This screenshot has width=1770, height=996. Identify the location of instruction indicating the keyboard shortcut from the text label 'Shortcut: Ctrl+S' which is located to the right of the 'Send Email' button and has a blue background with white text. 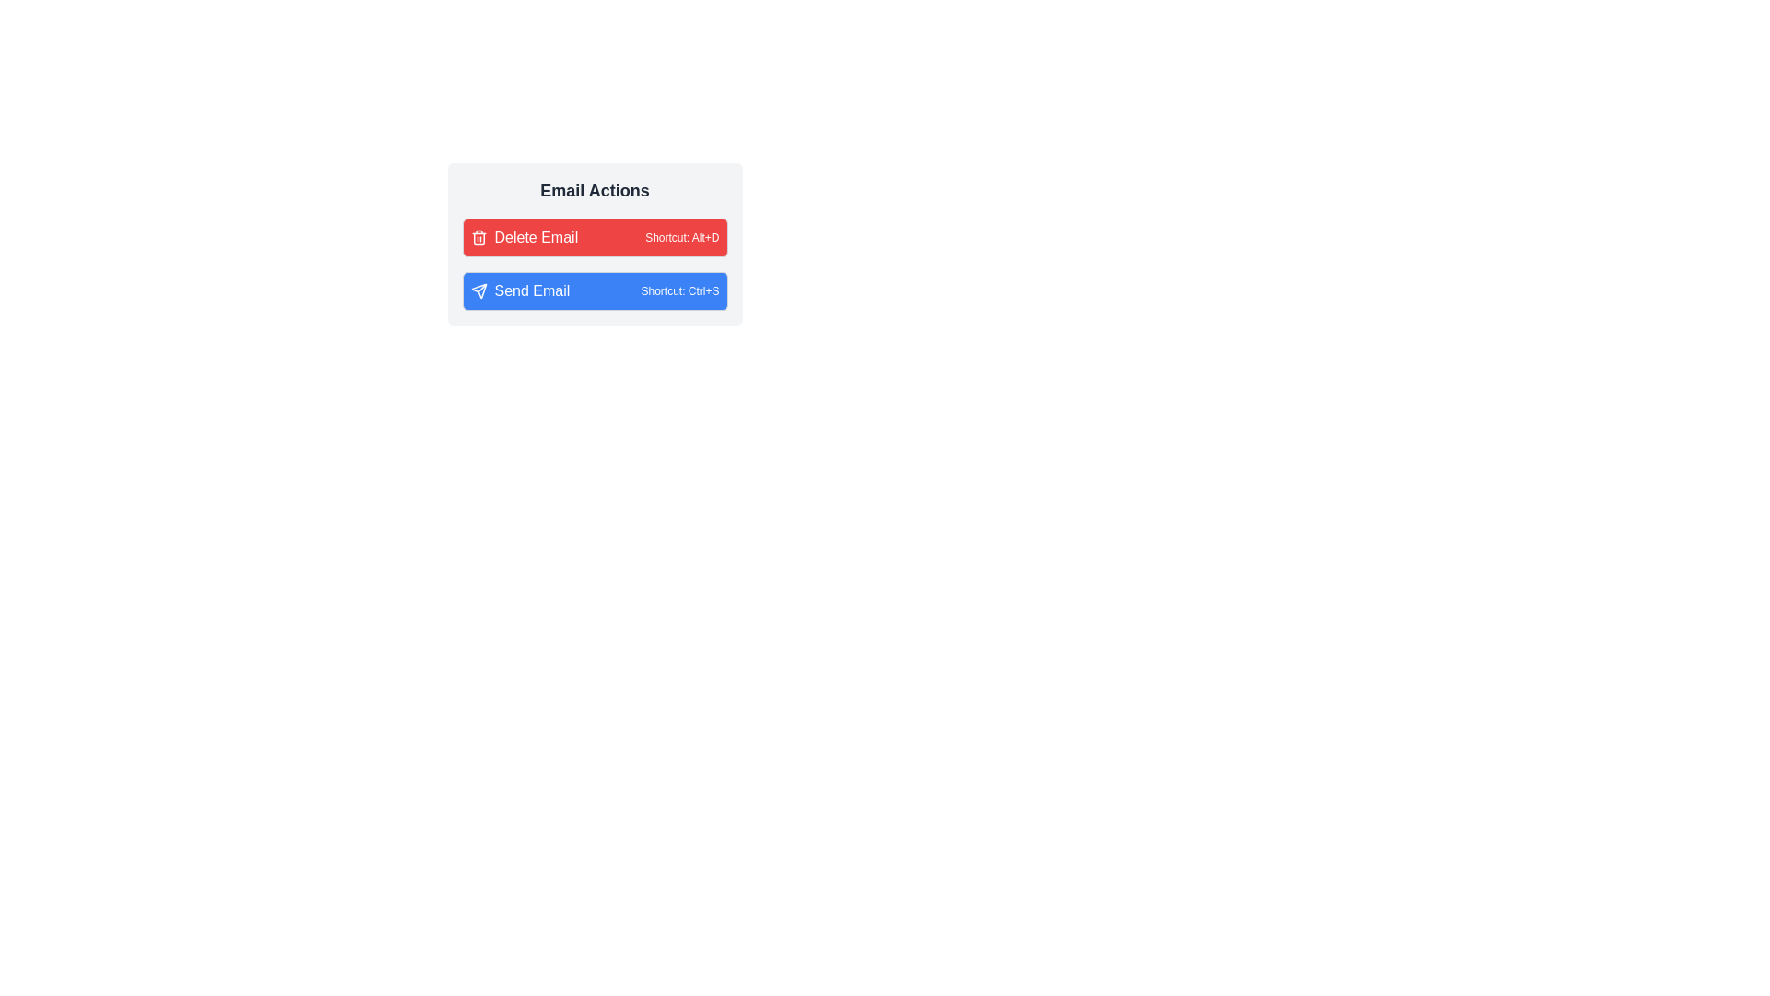
(679, 290).